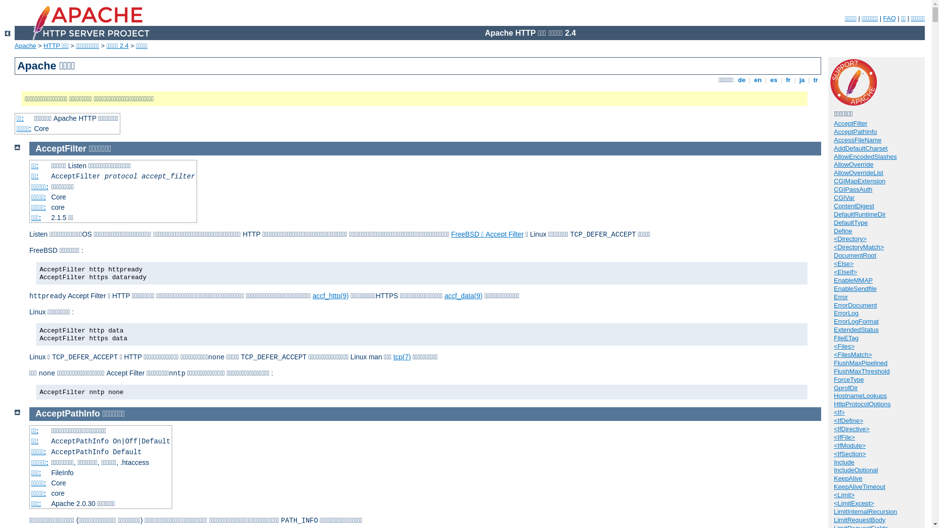  Describe the element at coordinates (402, 356) in the screenshot. I see `'tcp(7)'` at that location.